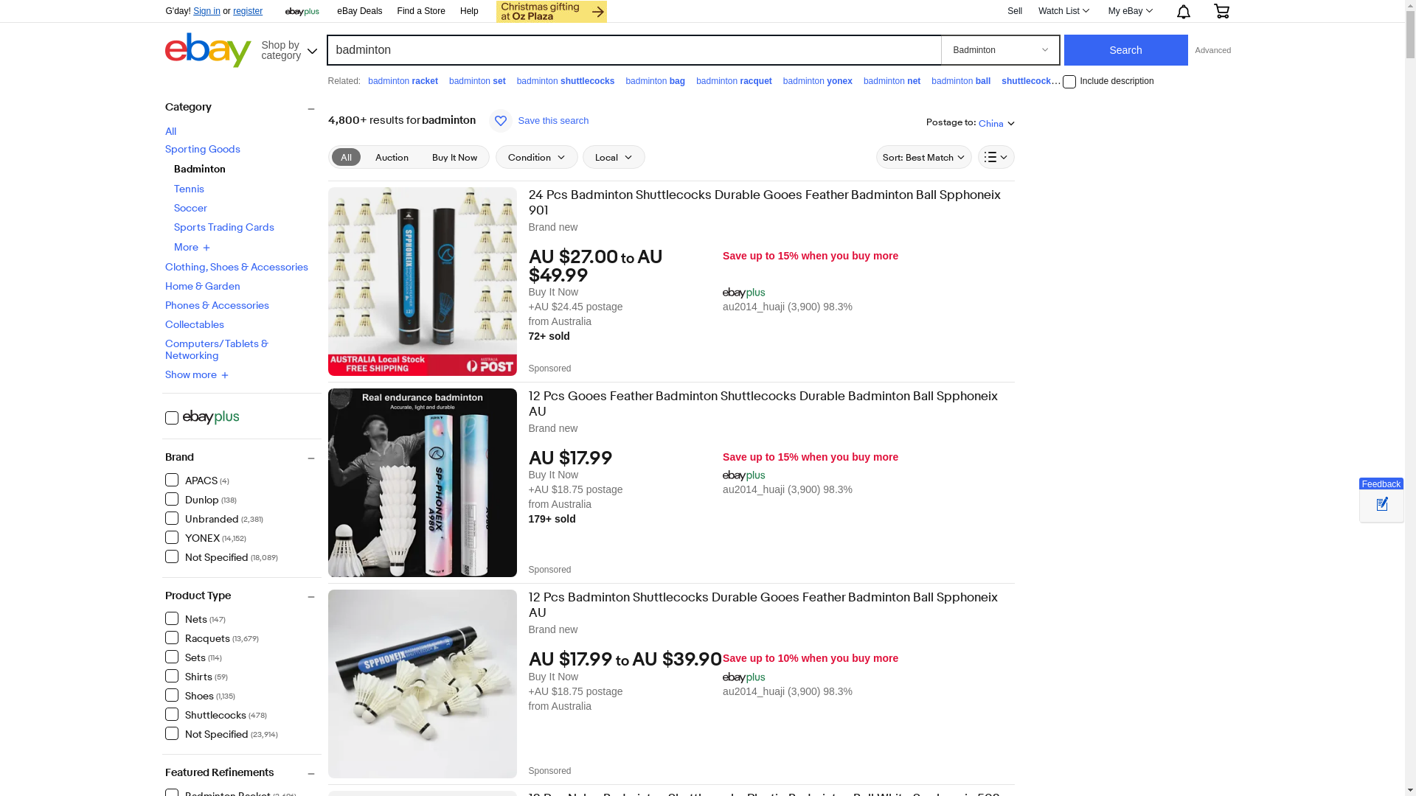  What do you see at coordinates (1063, 11) in the screenshot?
I see `'Watch List'` at bounding box center [1063, 11].